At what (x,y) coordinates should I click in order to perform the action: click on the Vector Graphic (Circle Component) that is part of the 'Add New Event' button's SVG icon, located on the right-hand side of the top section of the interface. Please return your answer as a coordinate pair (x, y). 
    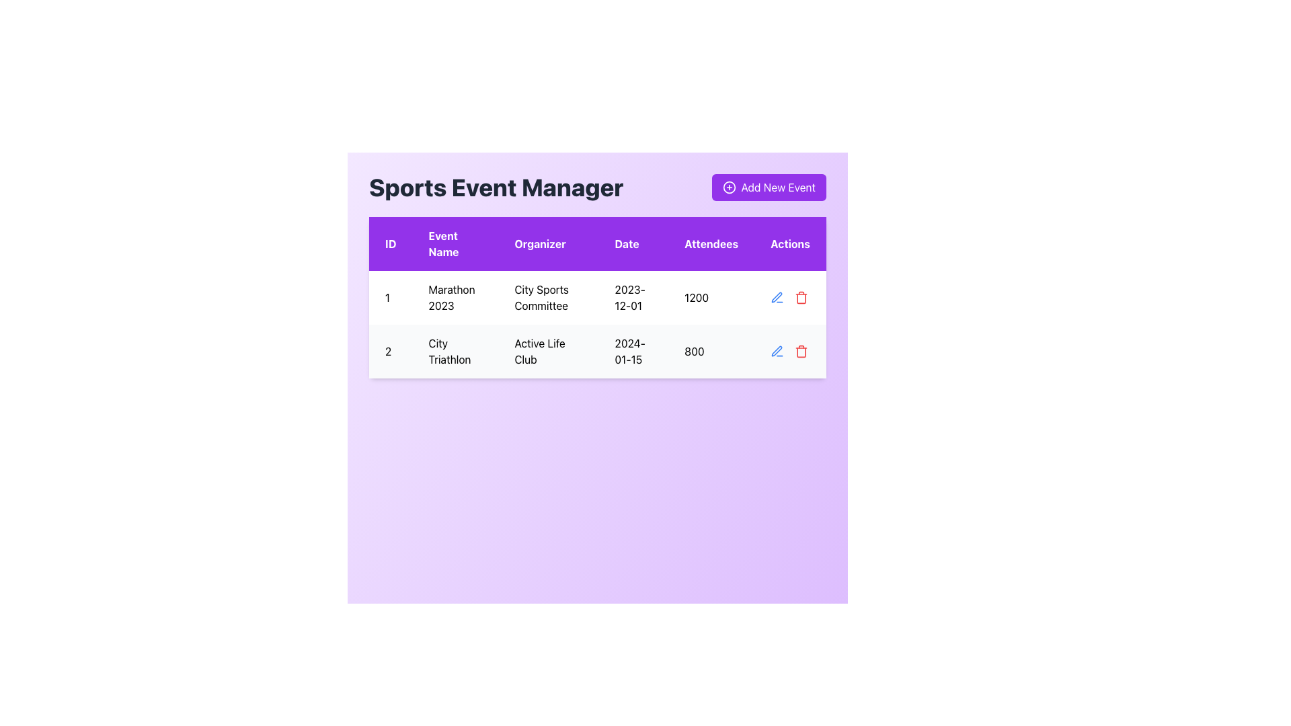
    Looking at the image, I should click on (728, 187).